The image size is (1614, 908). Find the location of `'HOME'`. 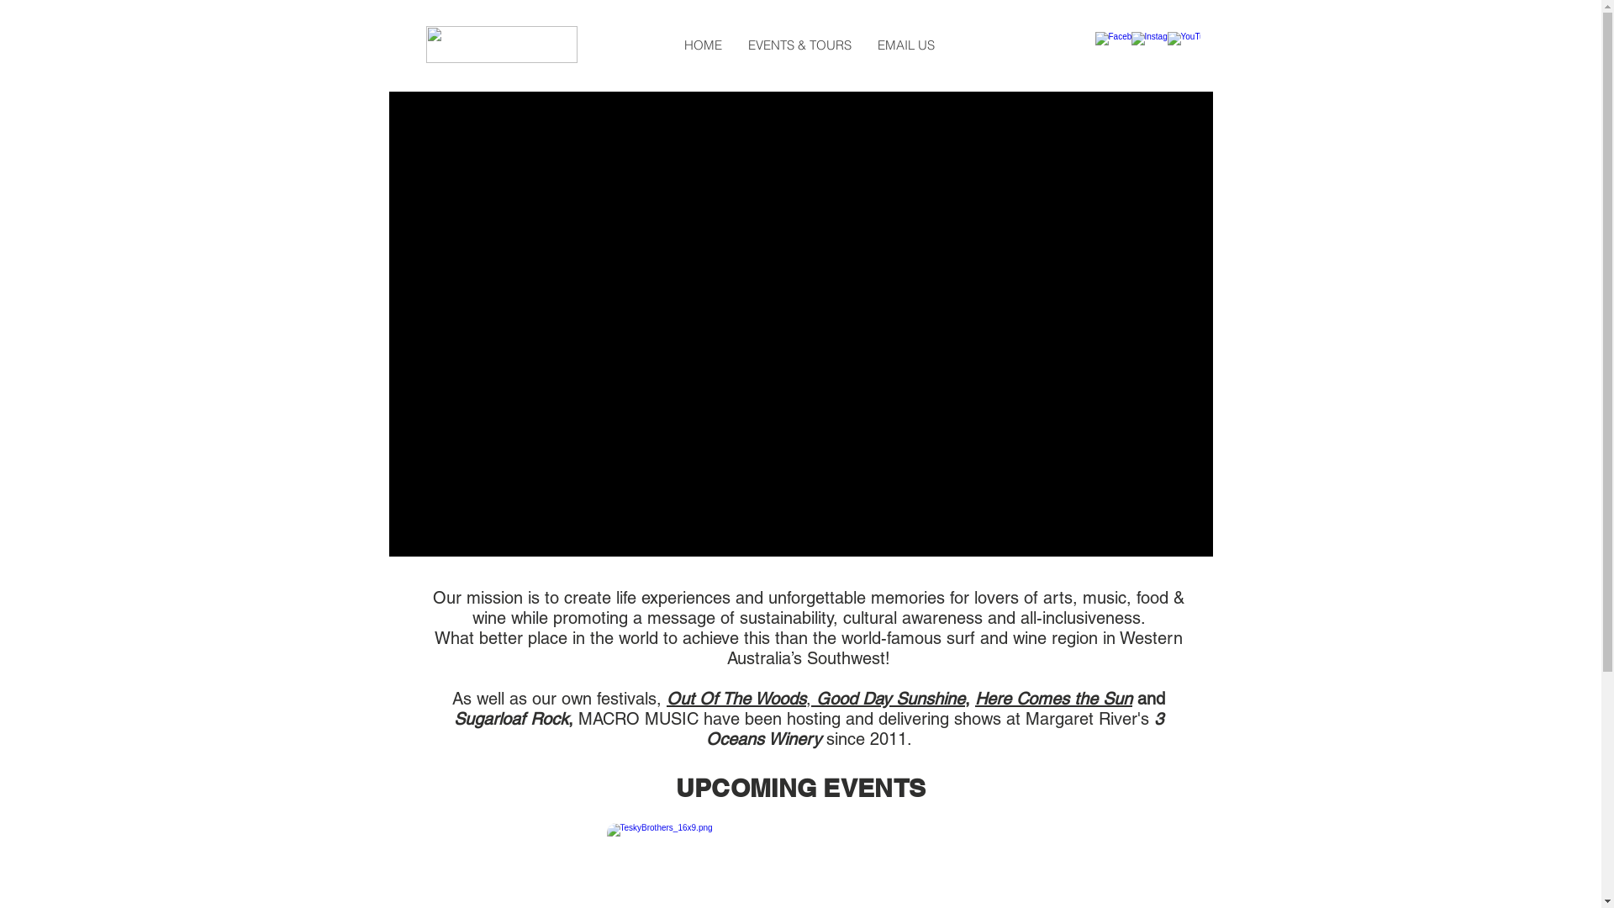

'HOME' is located at coordinates (702, 44).